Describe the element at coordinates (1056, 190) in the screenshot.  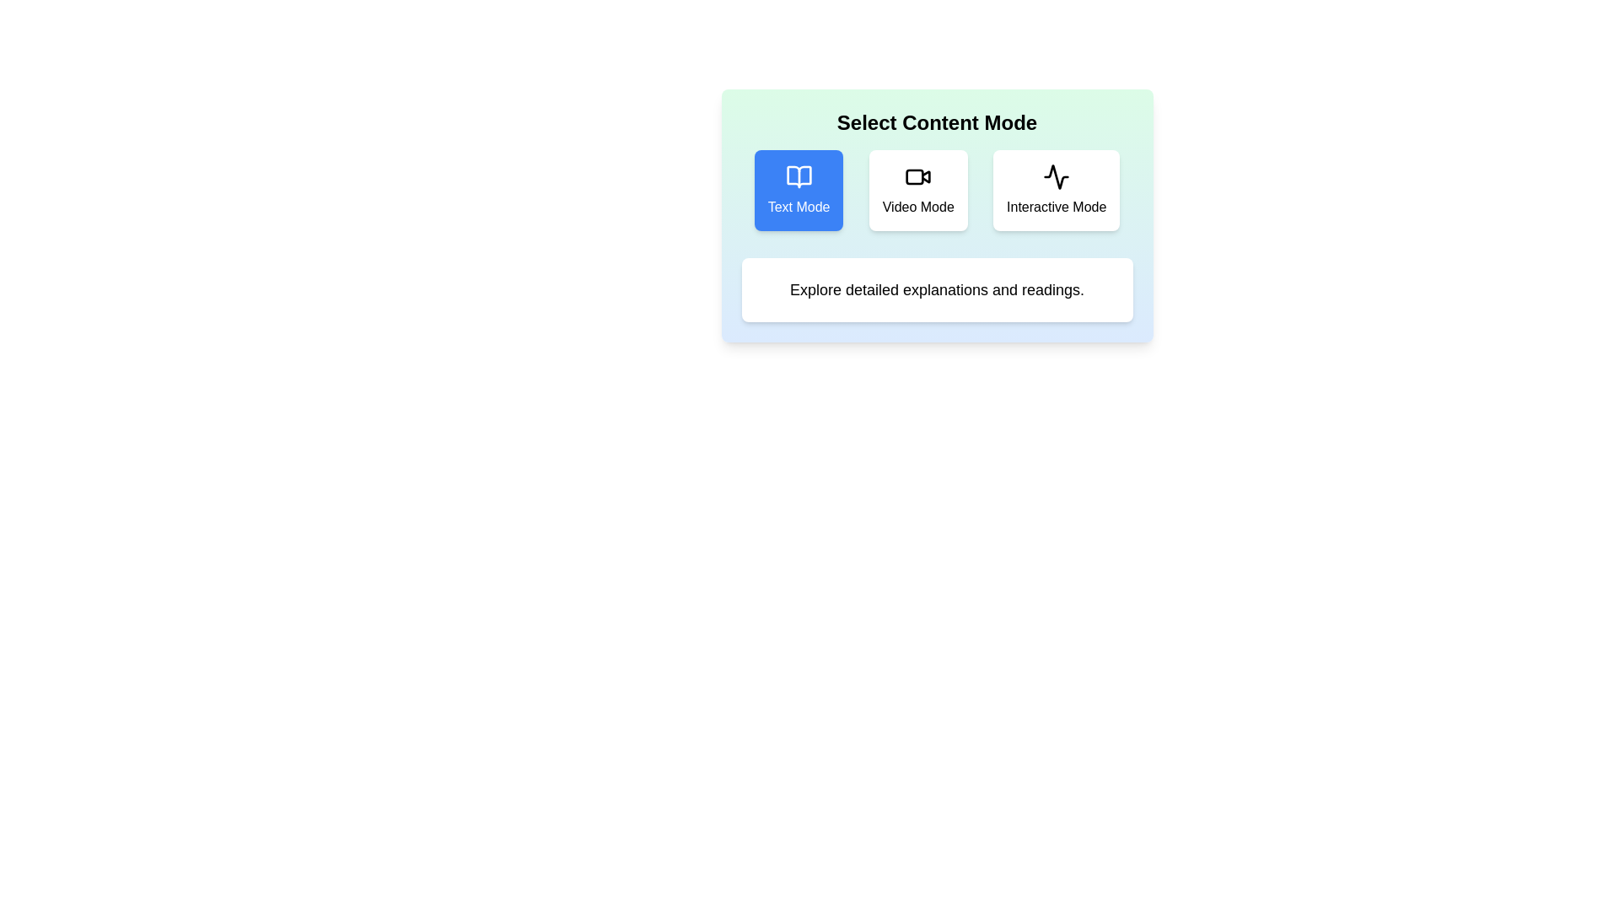
I see `the Interactive Mode button to see its hover effect` at that location.